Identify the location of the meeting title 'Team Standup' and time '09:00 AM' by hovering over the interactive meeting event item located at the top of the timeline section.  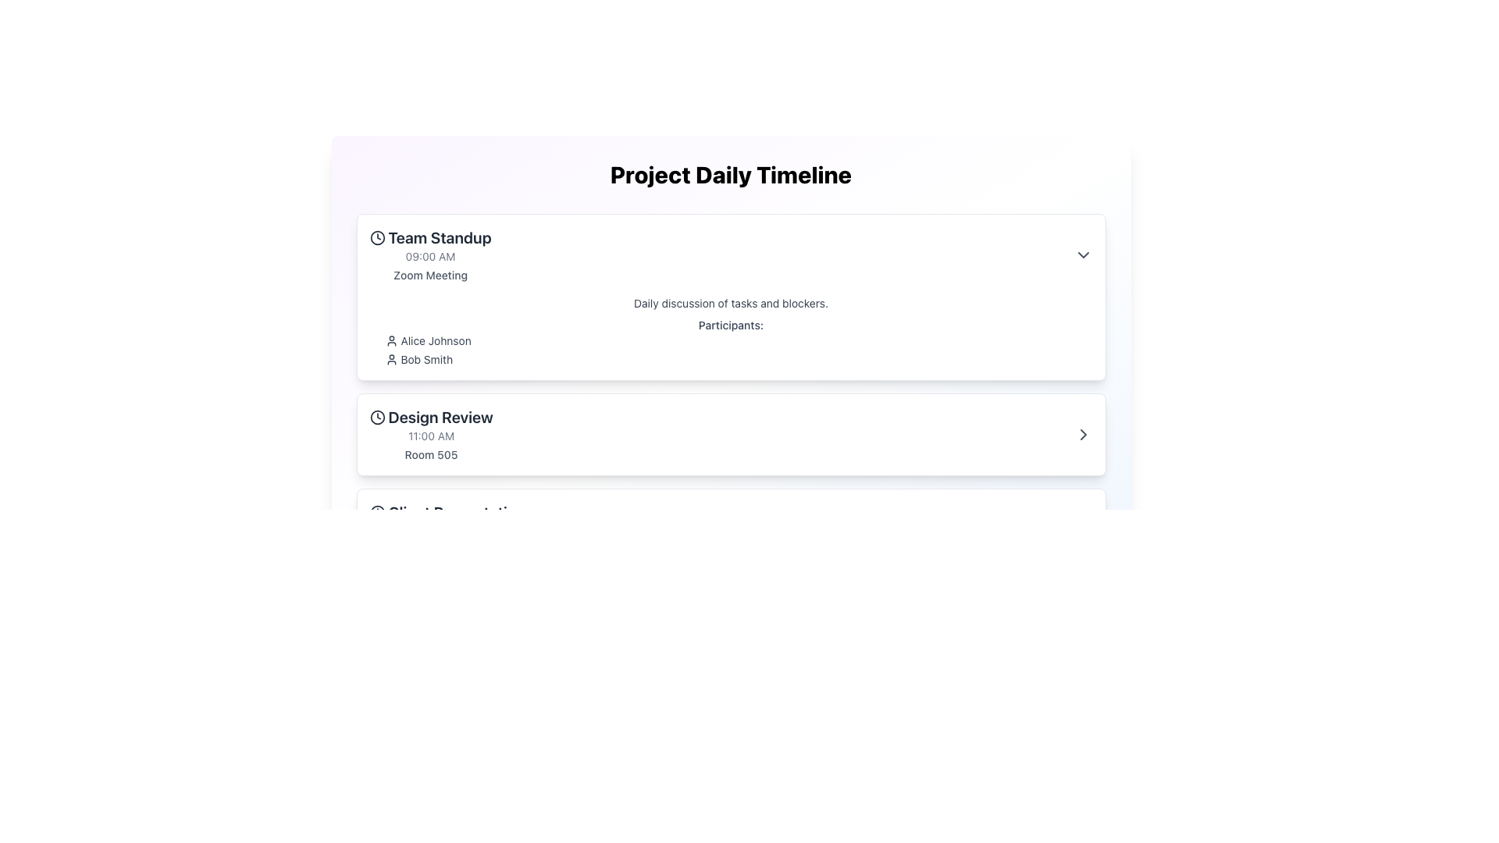
(730, 254).